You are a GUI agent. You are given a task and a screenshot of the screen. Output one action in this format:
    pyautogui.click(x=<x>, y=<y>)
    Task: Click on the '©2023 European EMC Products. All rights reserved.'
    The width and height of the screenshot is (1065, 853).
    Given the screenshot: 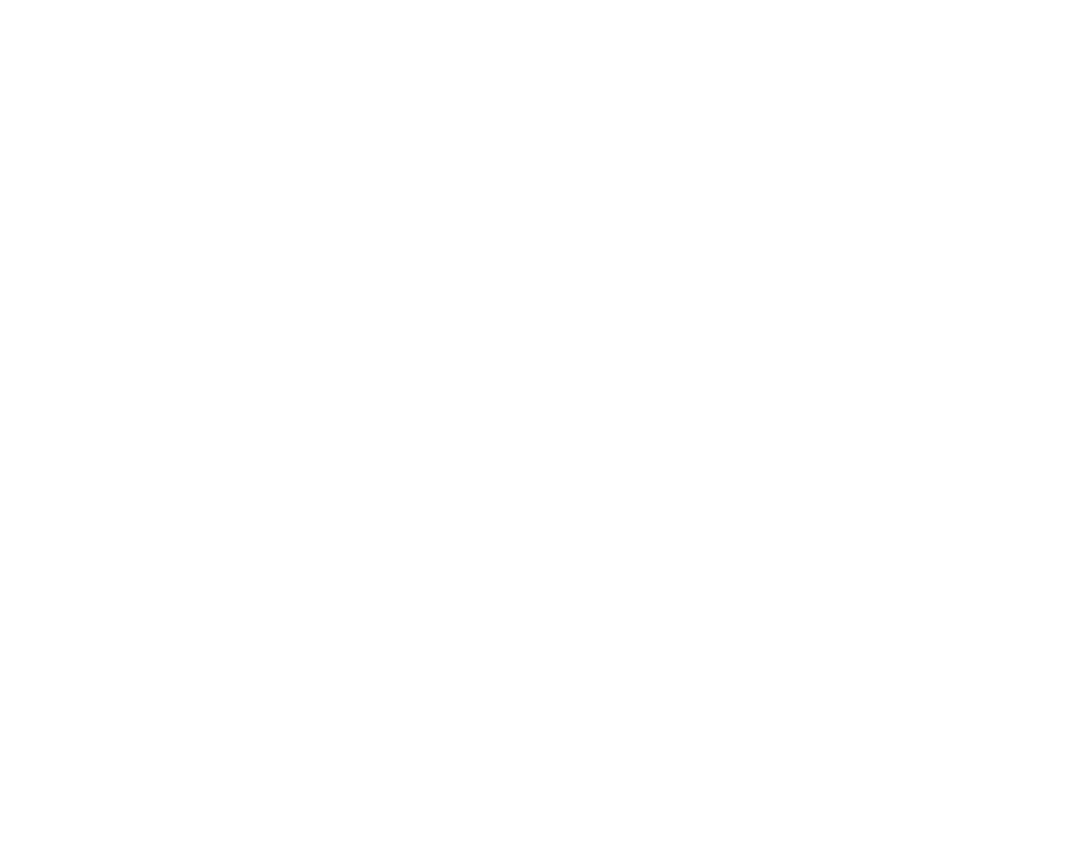 What is the action you would take?
    pyautogui.click(x=125, y=775)
    